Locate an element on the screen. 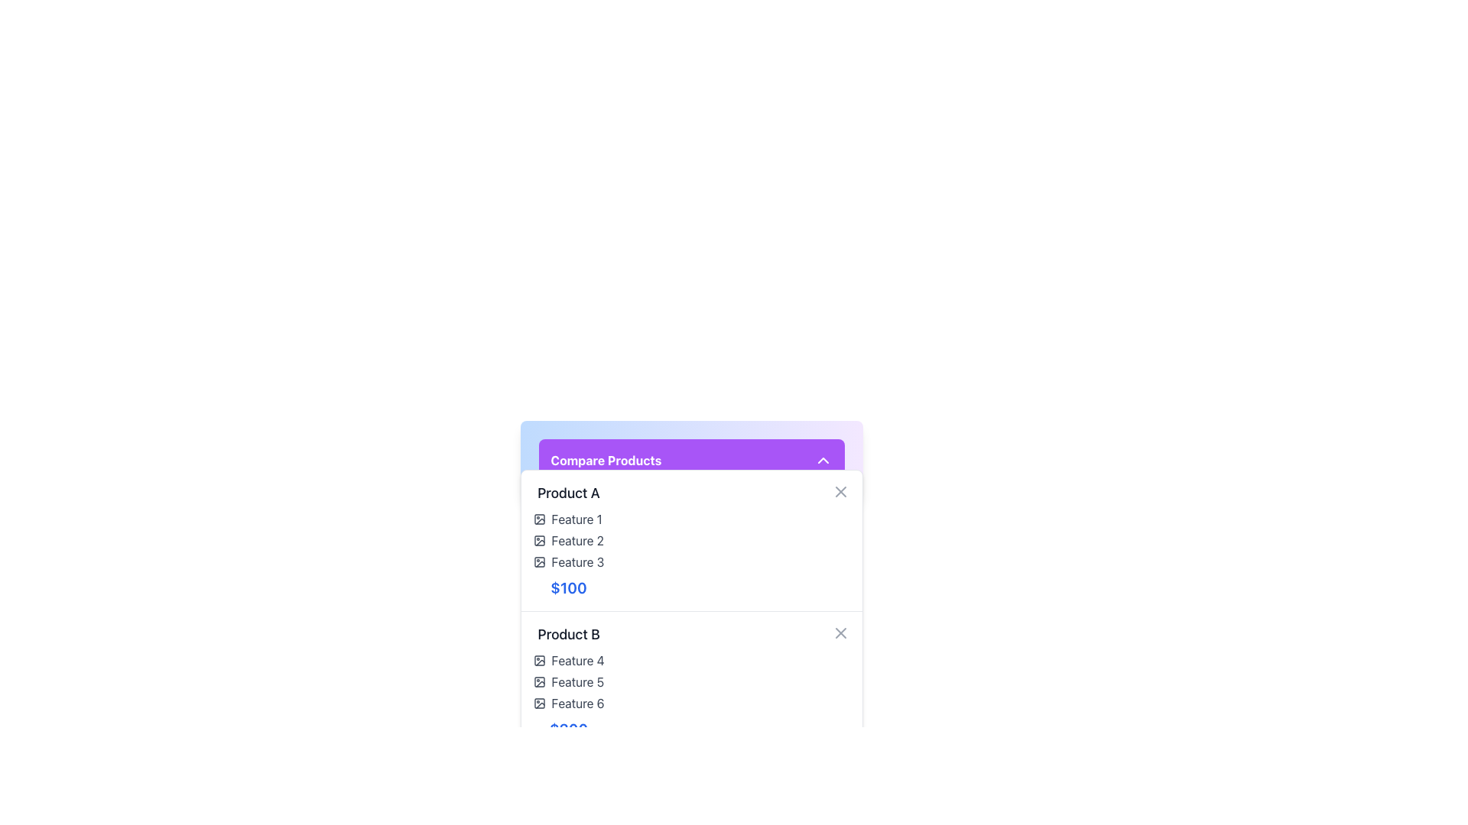 Image resolution: width=1468 pixels, height=825 pixels. the text label displaying the price of 'Product A', located at the bottom of the card structure beneath 'Feature 1', 'Feature 2', and 'Feature 3' is located at coordinates (568, 587).